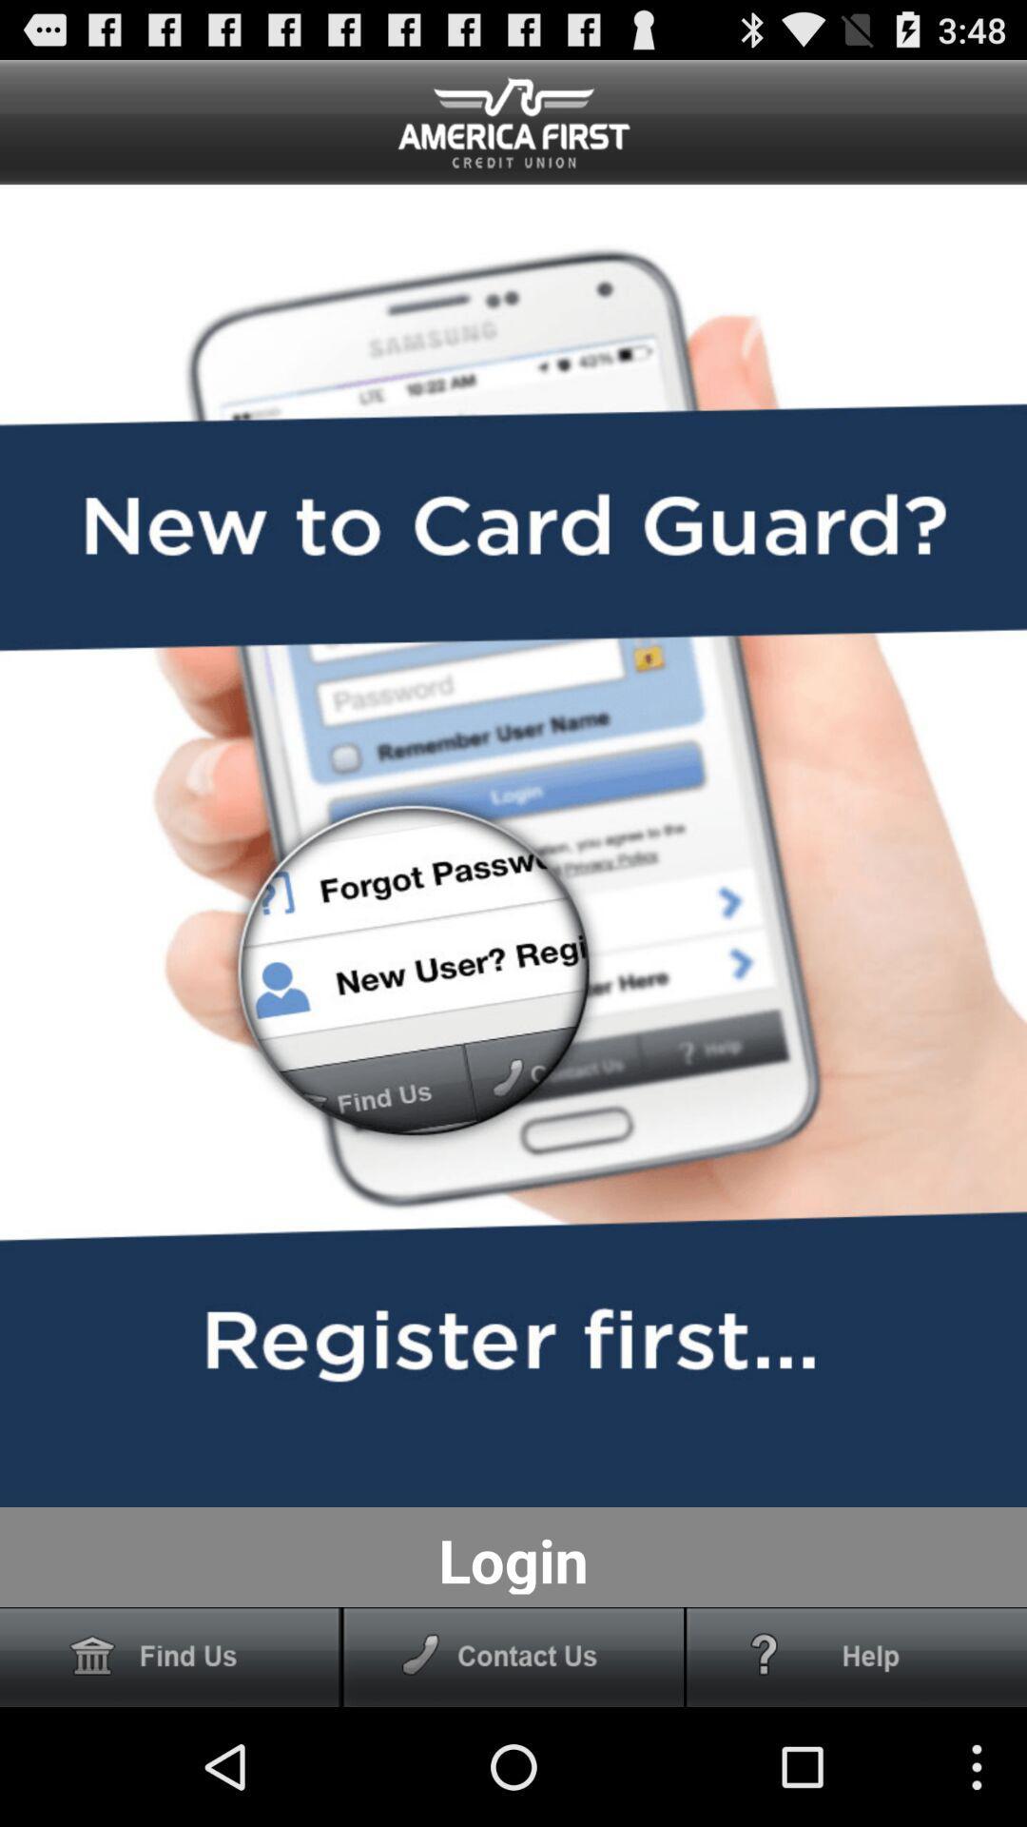 The height and width of the screenshot is (1827, 1027). What do you see at coordinates (169, 1656) in the screenshot?
I see `get directions` at bounding box center [169, 1656].